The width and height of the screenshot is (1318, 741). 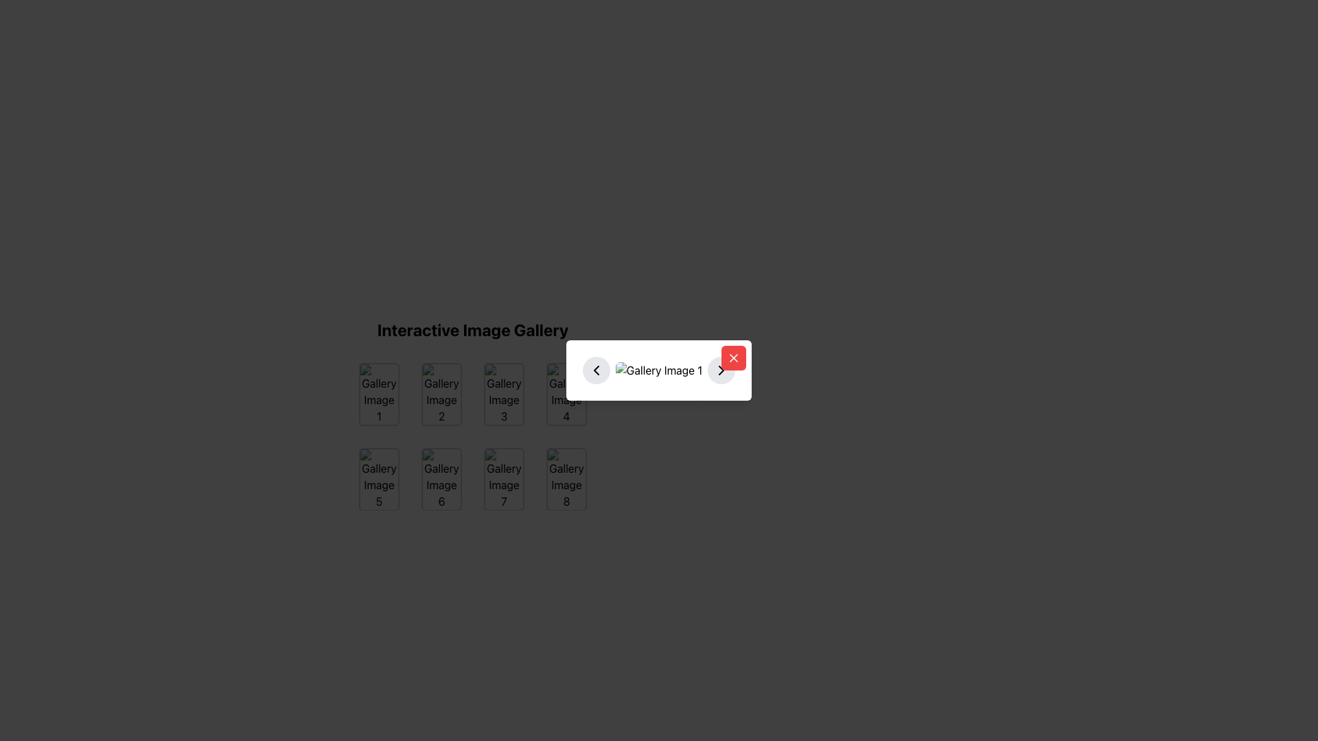 What do you see at coordinates (503, 478) in the screenshot?
I see `the seventh image in the gallery` at bounding box center [503, 478].